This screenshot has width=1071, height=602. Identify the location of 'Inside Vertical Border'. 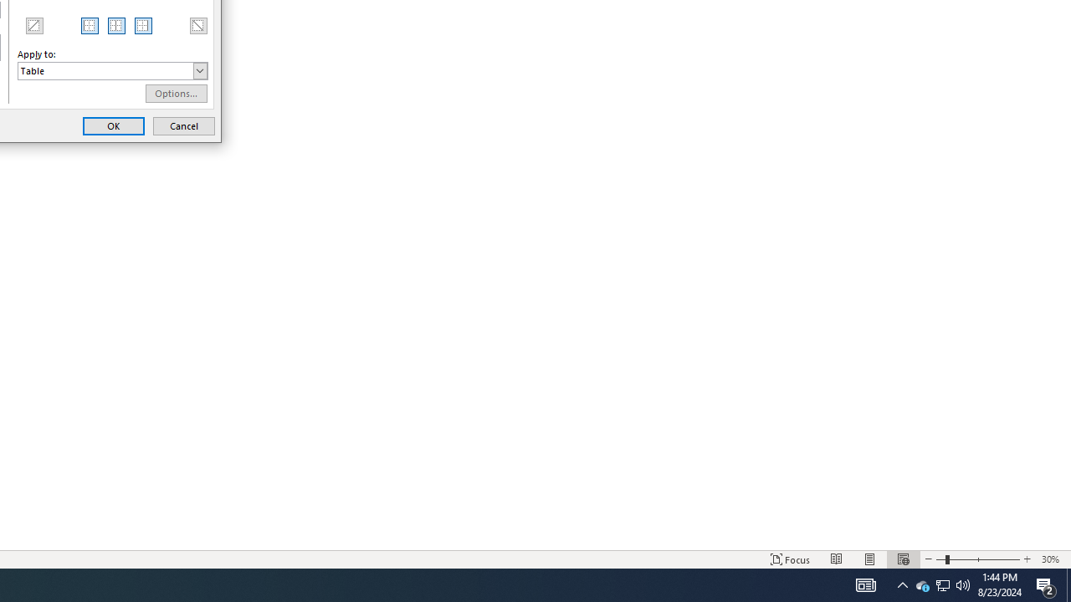
(115, 25).